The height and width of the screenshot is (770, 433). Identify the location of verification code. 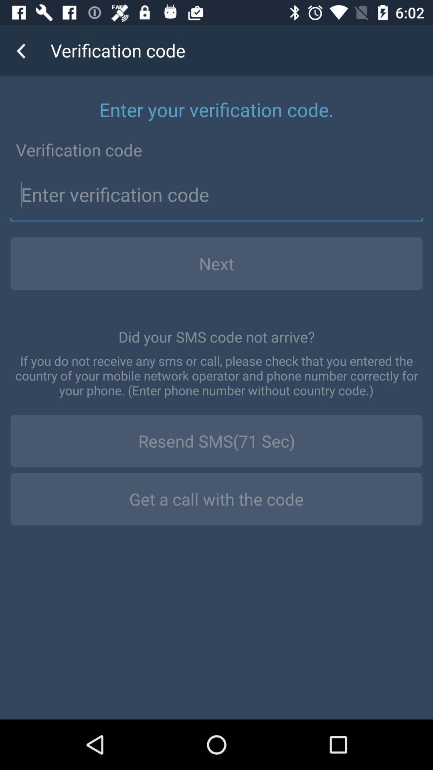
(216, 195).